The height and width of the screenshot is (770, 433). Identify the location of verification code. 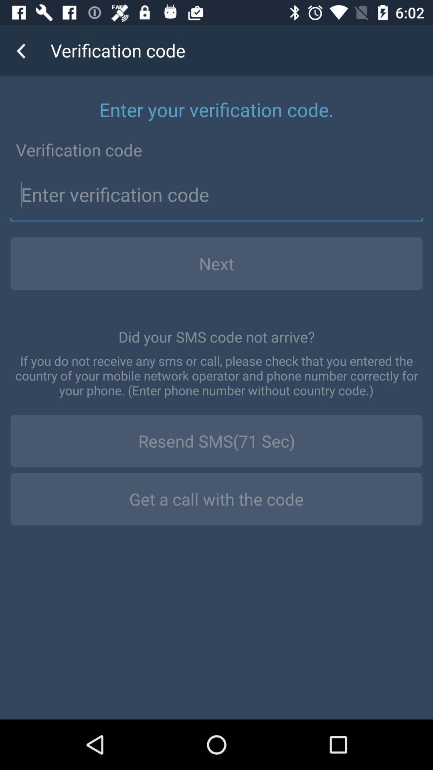
(216, 195).